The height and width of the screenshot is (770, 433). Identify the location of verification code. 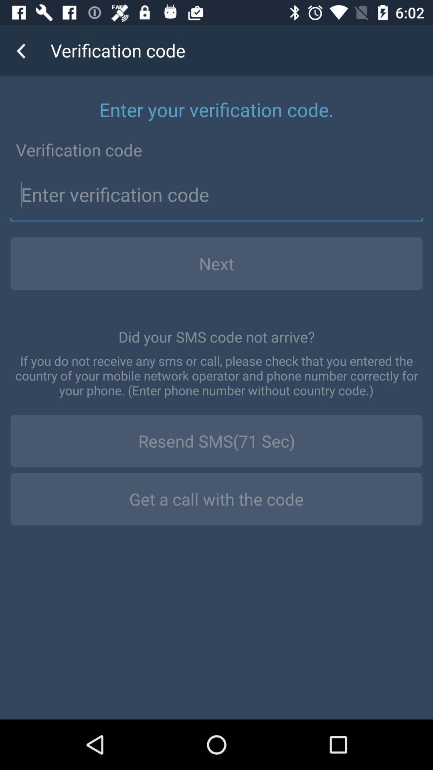
(216, 195).